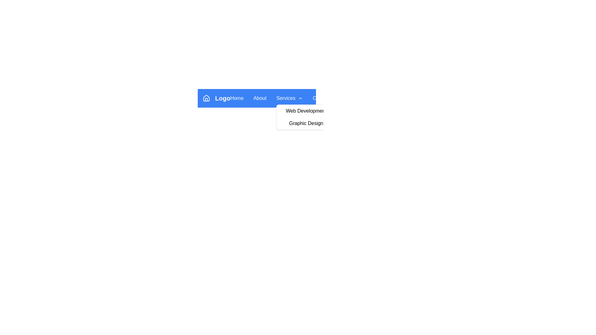  What do you see at coordinates (289, 98) in the screenshot?
I see `the 'Services' dropdown menu trigger located in the center of the top navigation bar` at bounding box center [289, 98].